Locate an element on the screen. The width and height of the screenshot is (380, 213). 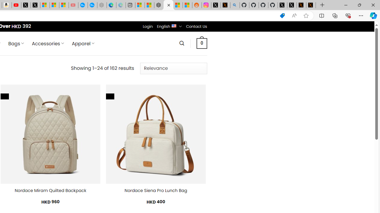
'Close' is located at coordinates (373, 5).